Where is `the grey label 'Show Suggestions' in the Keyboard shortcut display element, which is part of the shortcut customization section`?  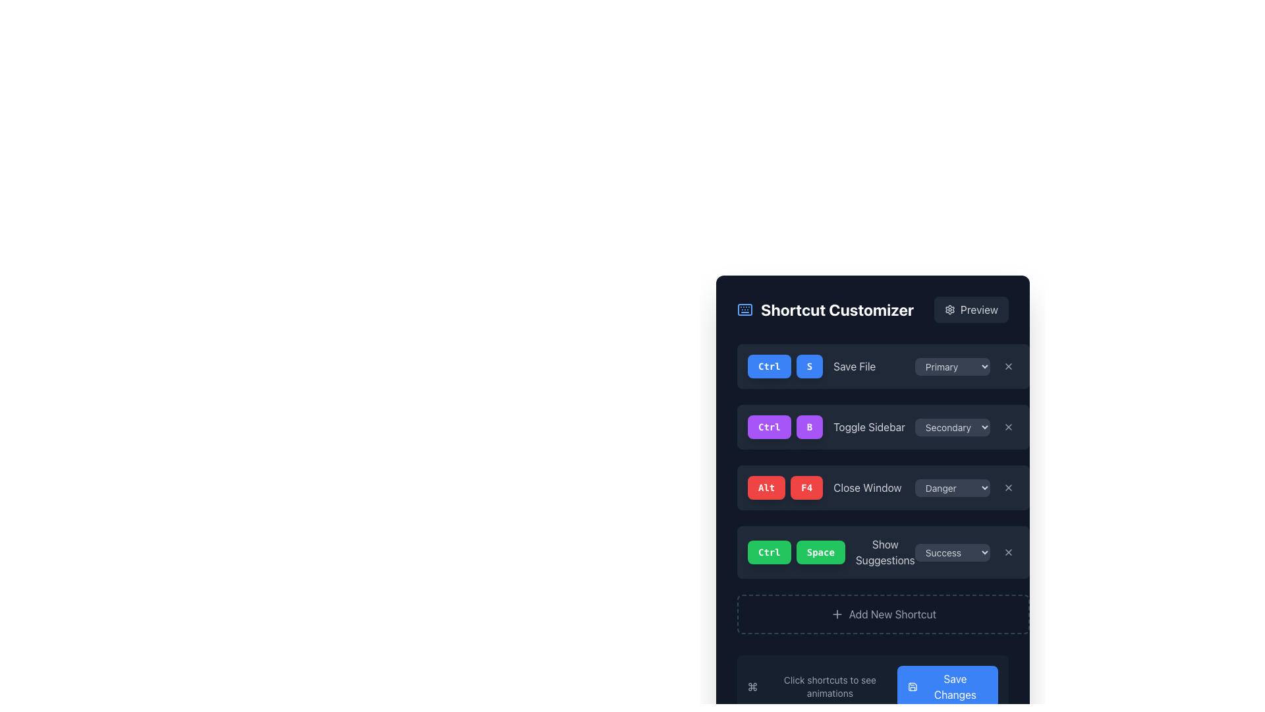
the grey label 'Show Suggestions' in the Keyboard shortcut display element, which is part of the shortcut customization section is located at coordinates (831, 552).